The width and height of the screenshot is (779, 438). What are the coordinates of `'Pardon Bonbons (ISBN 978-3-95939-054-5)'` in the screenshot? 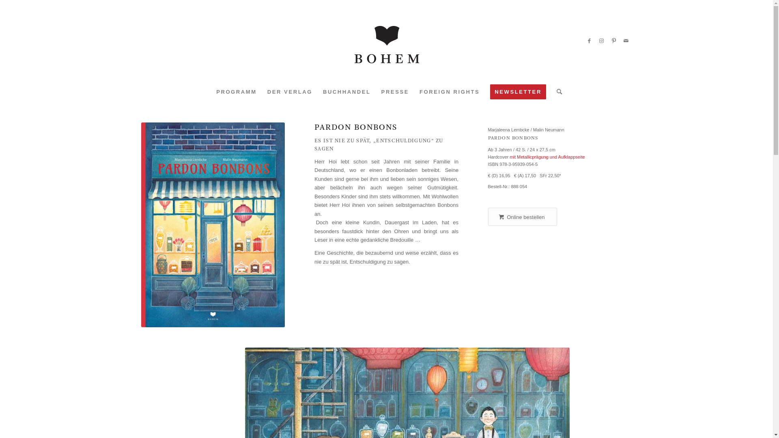 It's located at (213, 225).